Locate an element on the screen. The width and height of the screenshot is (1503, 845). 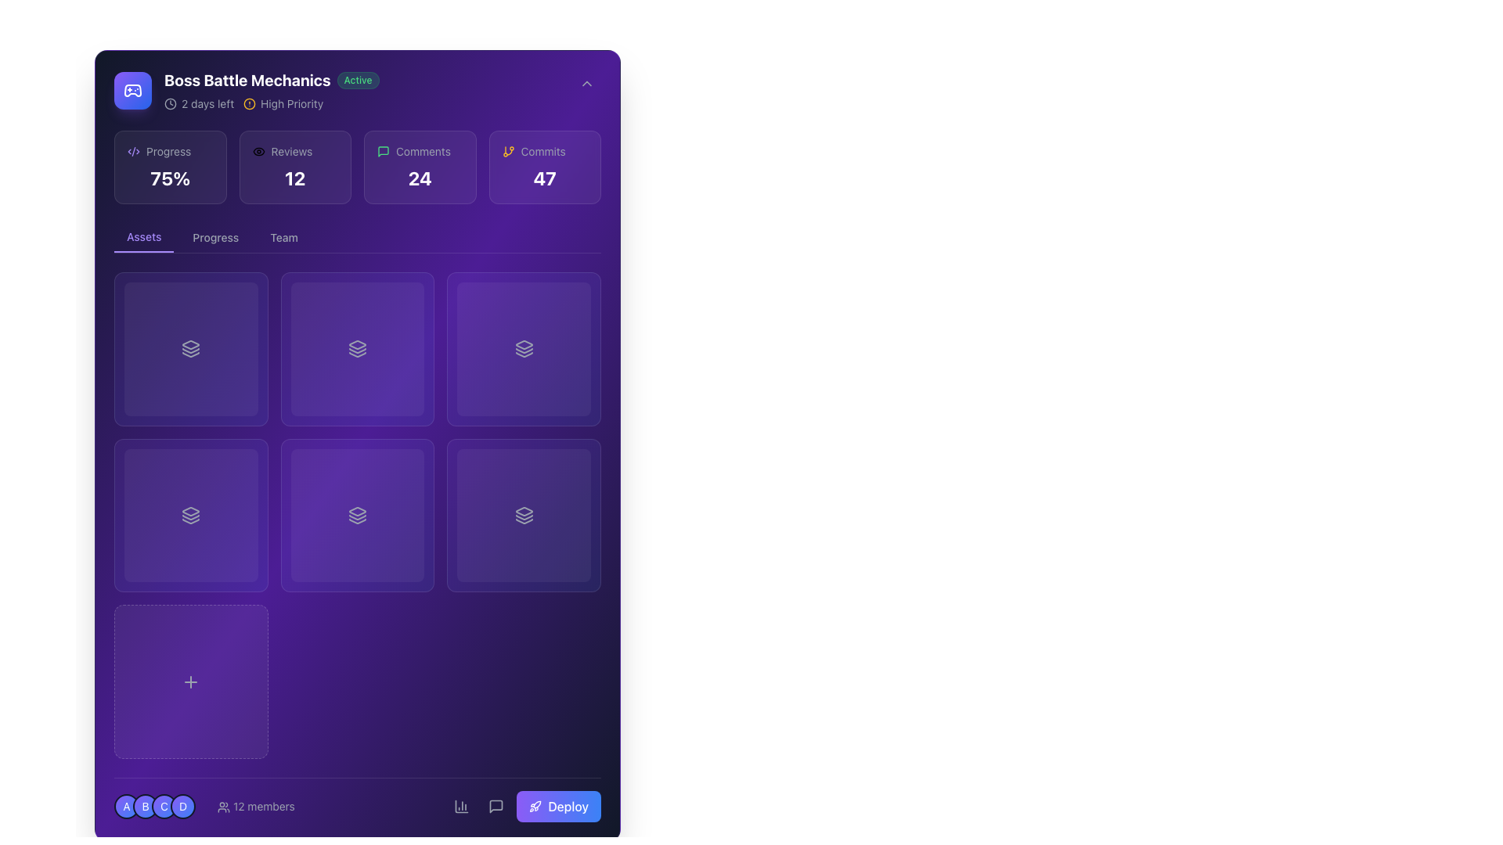
the small gray icon shaped like a stack of layers with rounded edges located in the bottom-left quadrant of a 2x3 grid layout on a purple background is located at coordinates (190, 516).